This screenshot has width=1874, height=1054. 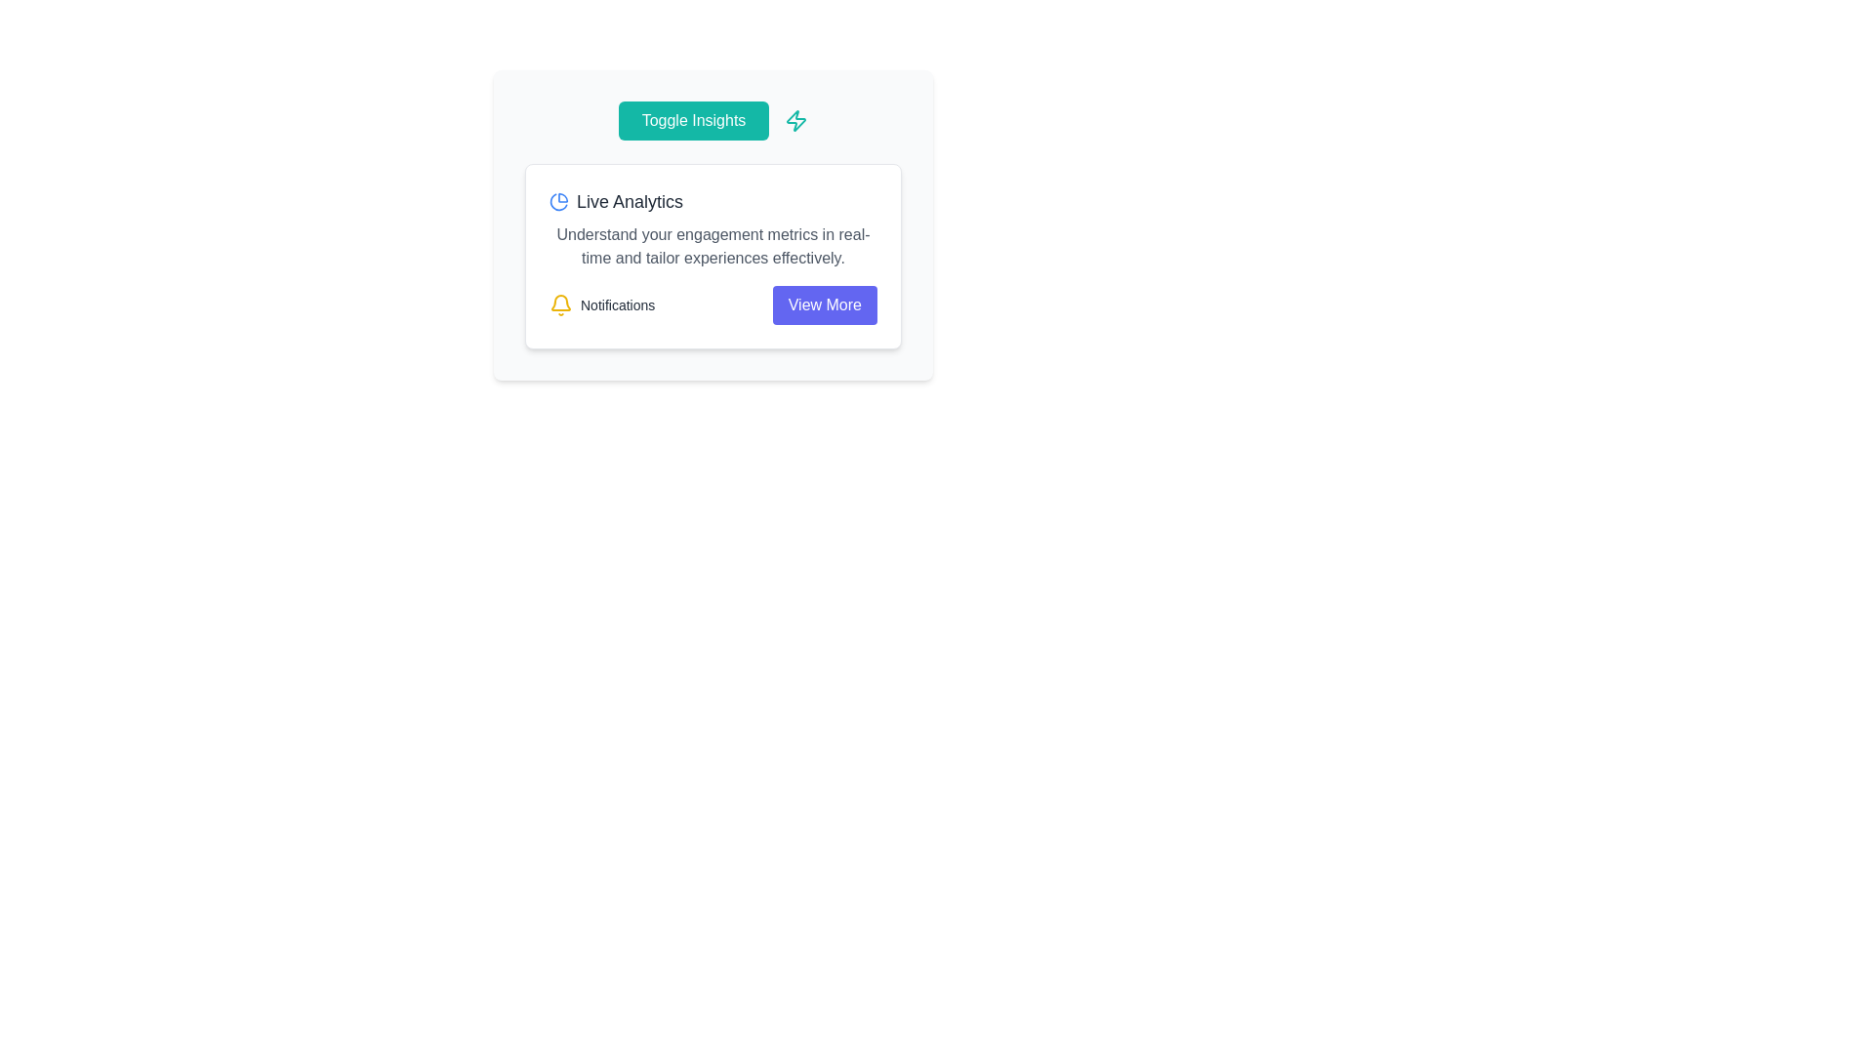 What do you see at coordinates (712, 246) in the screenshot?
I see `static text providing descriptive information about analytics features located under the 'Live Analytics' heading and above the 'Notifications' section` at bounding box center [712, 246].